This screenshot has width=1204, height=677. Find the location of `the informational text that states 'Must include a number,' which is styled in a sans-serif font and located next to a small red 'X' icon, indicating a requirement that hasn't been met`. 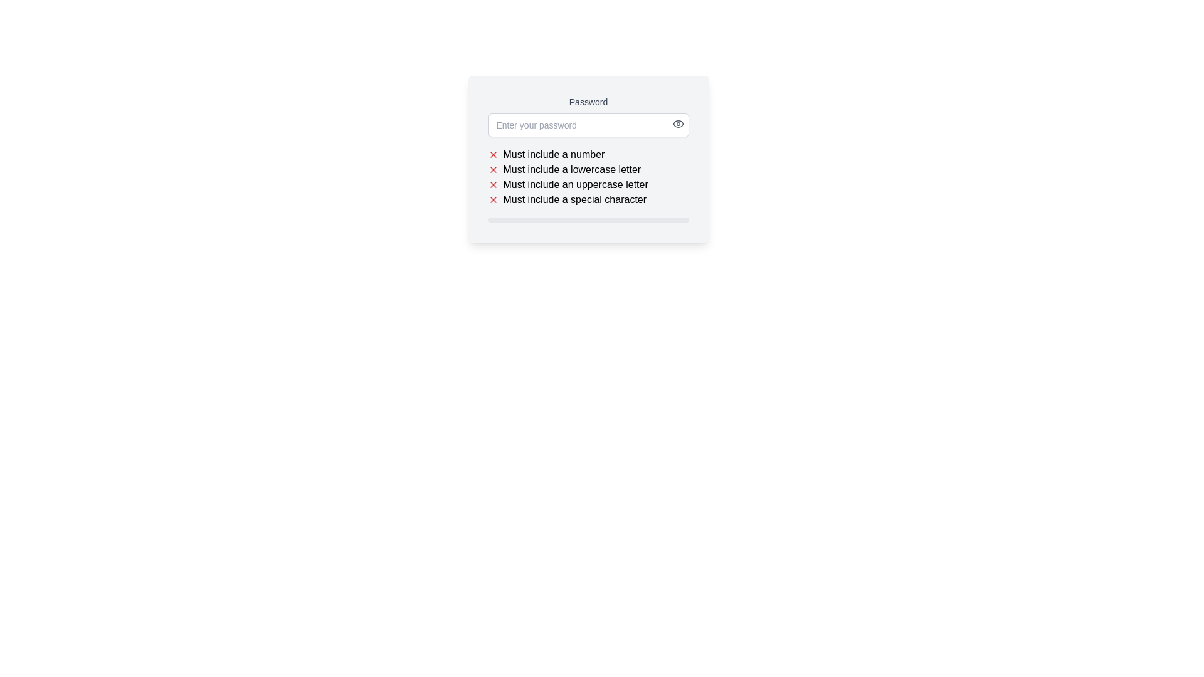

the informational text that states 'Must include a number,' which is styled in a sans-serif font and located next to a small red 'X' icon, indicating a requirement that hasn't been met is located at coordinates (553, 154).